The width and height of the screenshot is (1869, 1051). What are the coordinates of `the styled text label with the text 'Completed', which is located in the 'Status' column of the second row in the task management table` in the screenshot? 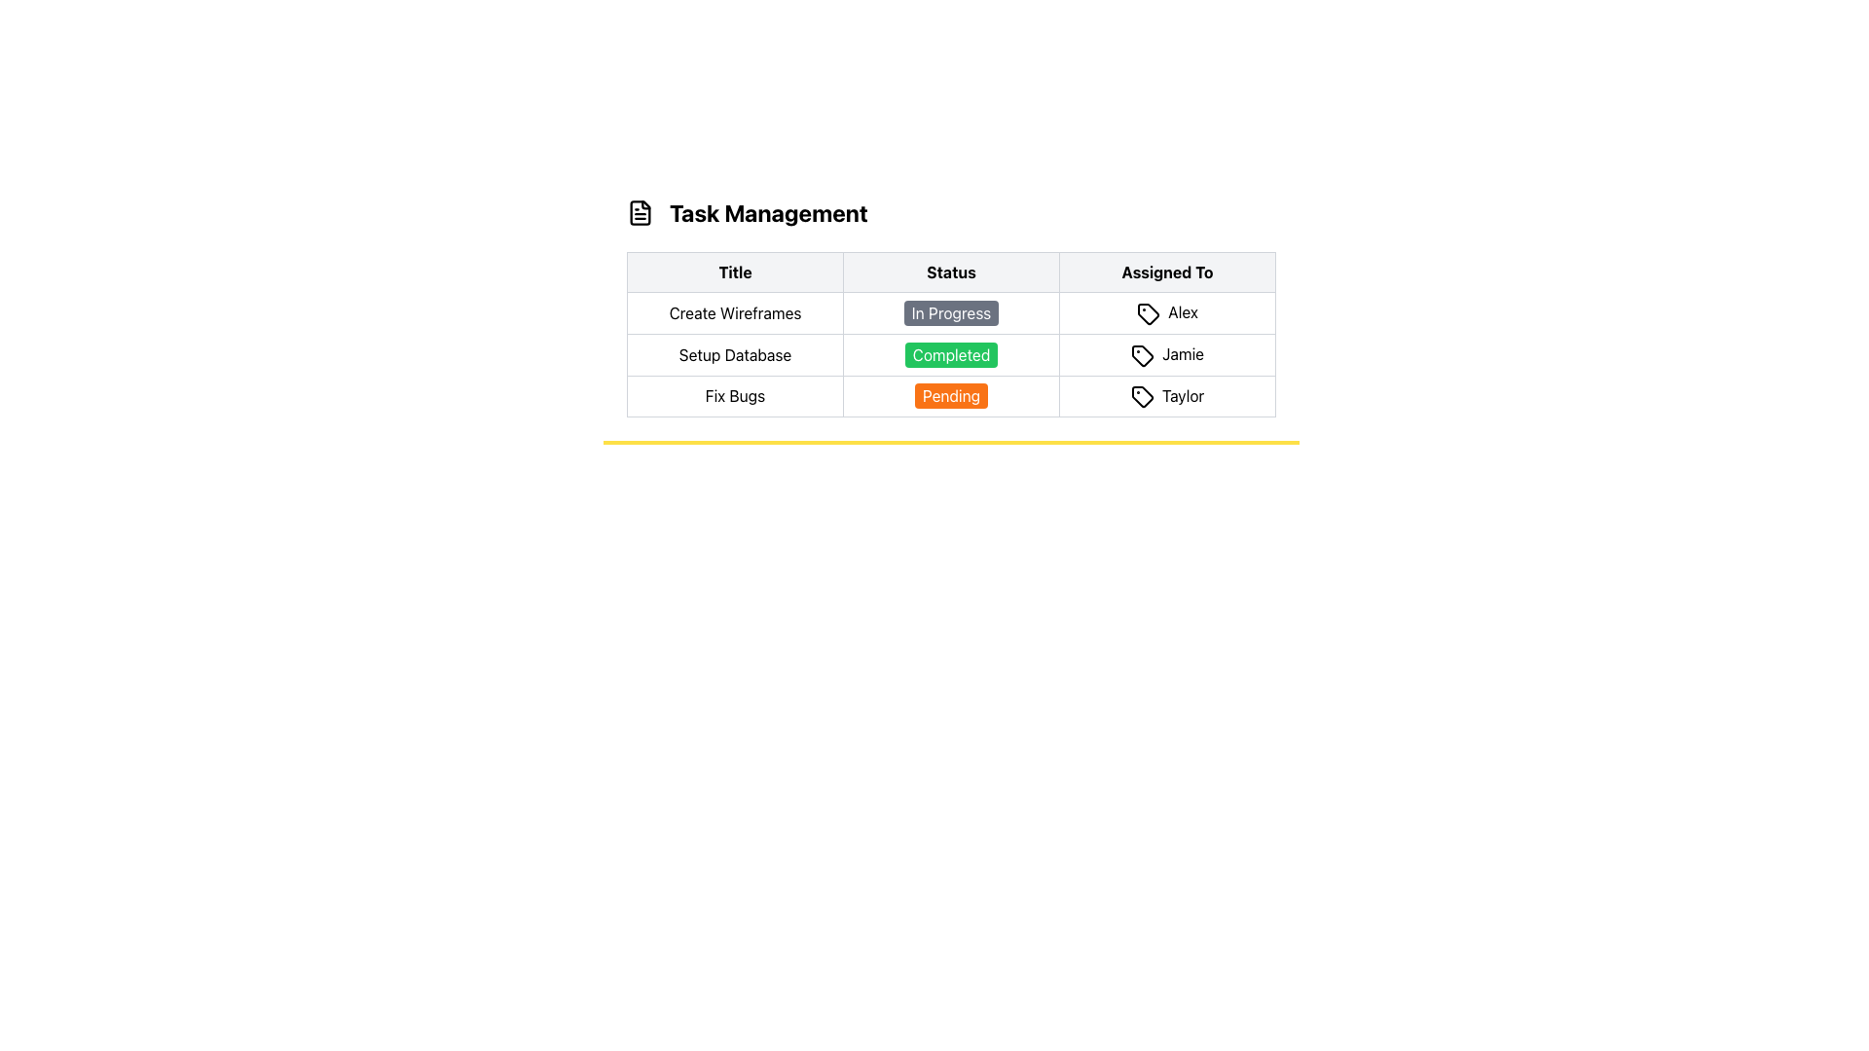 It's located at (951, 354).